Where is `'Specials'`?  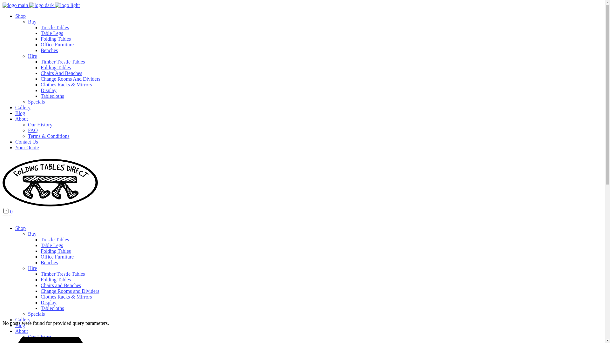
'Specials' is located at coordinates (27, 313).